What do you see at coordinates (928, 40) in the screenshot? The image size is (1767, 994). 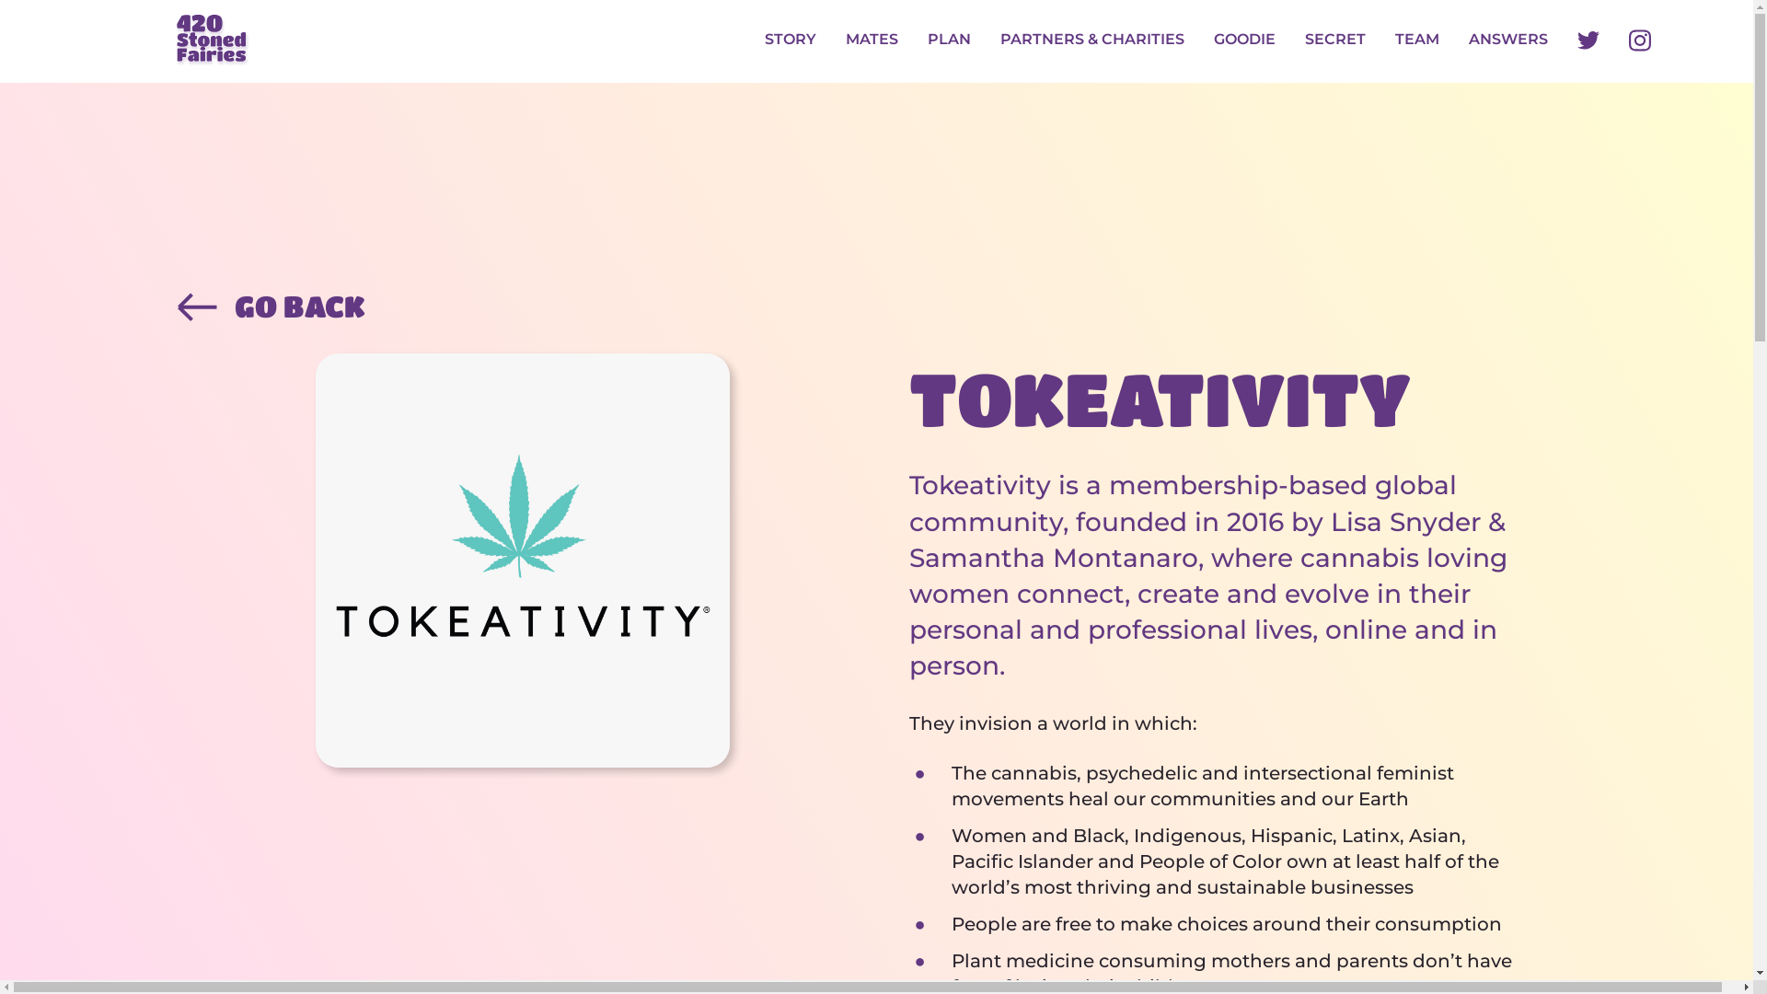 I see `'PLAN'` at bounding box center [928, 40].